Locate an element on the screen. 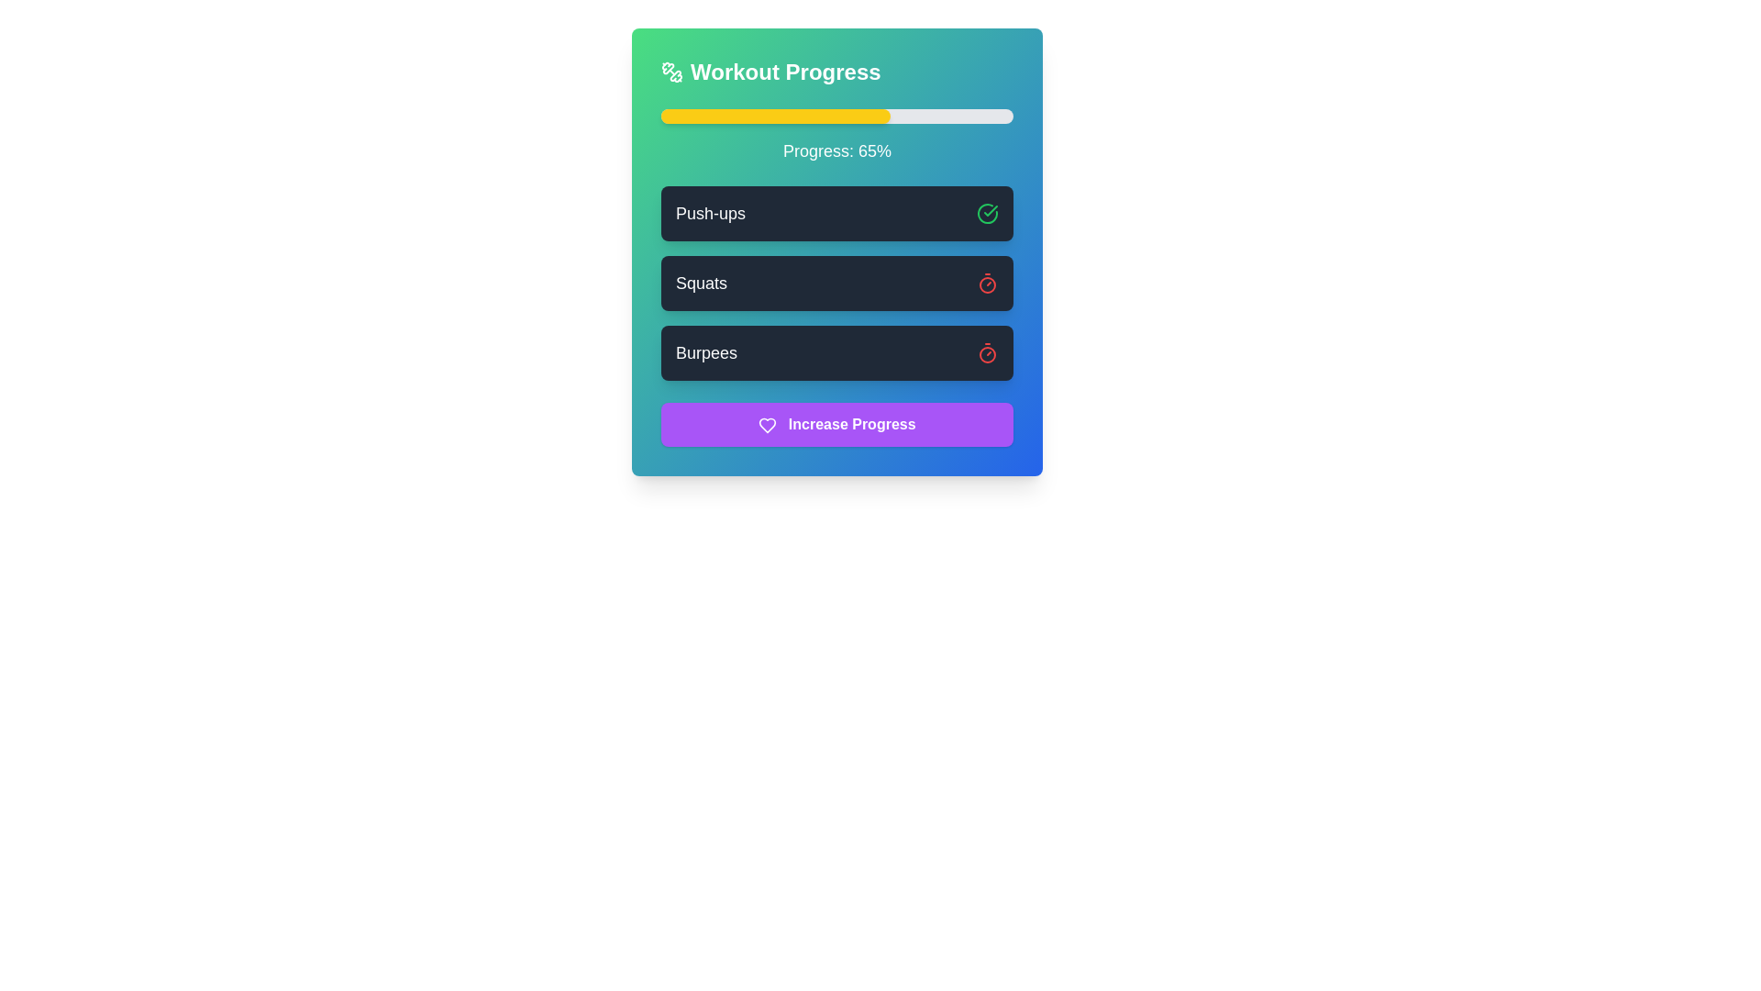 This screenshot has height=991, width=1761. the decorative icon located at the left end of the 'Increase Progress' button, which is positioned in the bottom center of a card-like component containing progress information is located at coordinates (768, 425).